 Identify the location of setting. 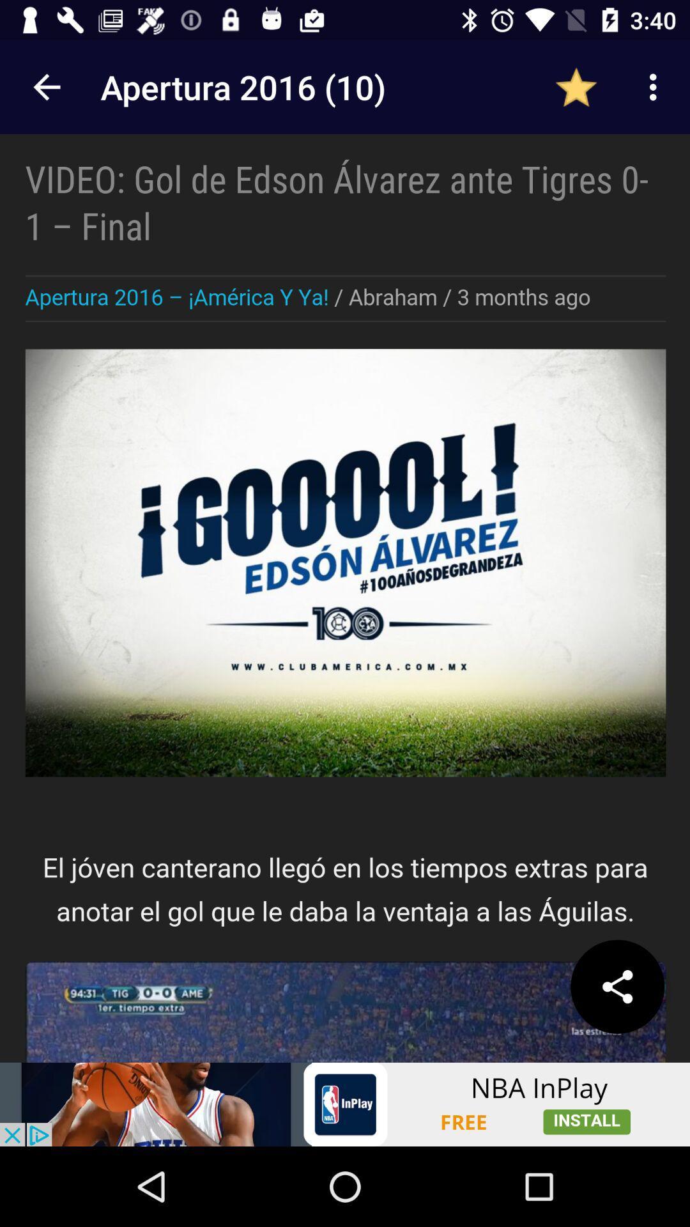
(617, 986).